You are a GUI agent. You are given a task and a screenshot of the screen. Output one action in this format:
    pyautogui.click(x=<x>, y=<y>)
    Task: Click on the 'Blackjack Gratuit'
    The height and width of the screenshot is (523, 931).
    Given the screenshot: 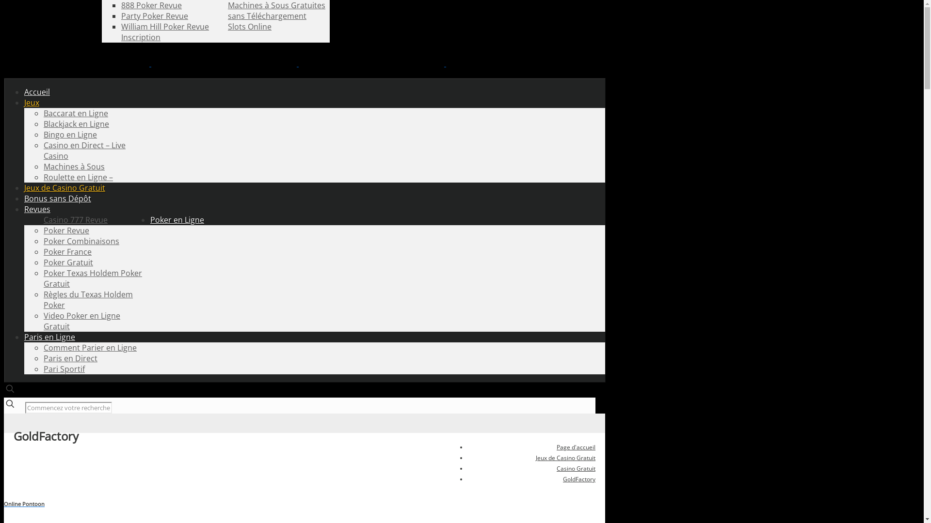 What is the action you would take?
    pyautogui.click(x=151, y=5)
    